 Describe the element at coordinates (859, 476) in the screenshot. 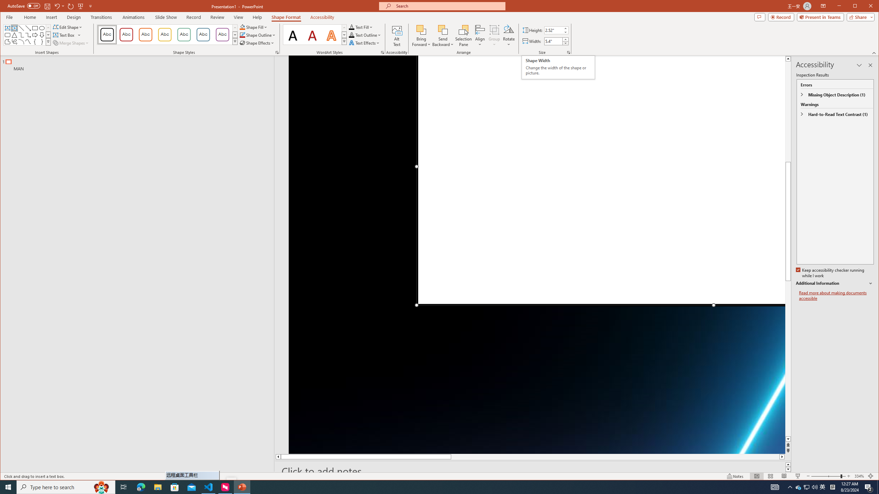

I see `'Zoom 334%'` at that location.